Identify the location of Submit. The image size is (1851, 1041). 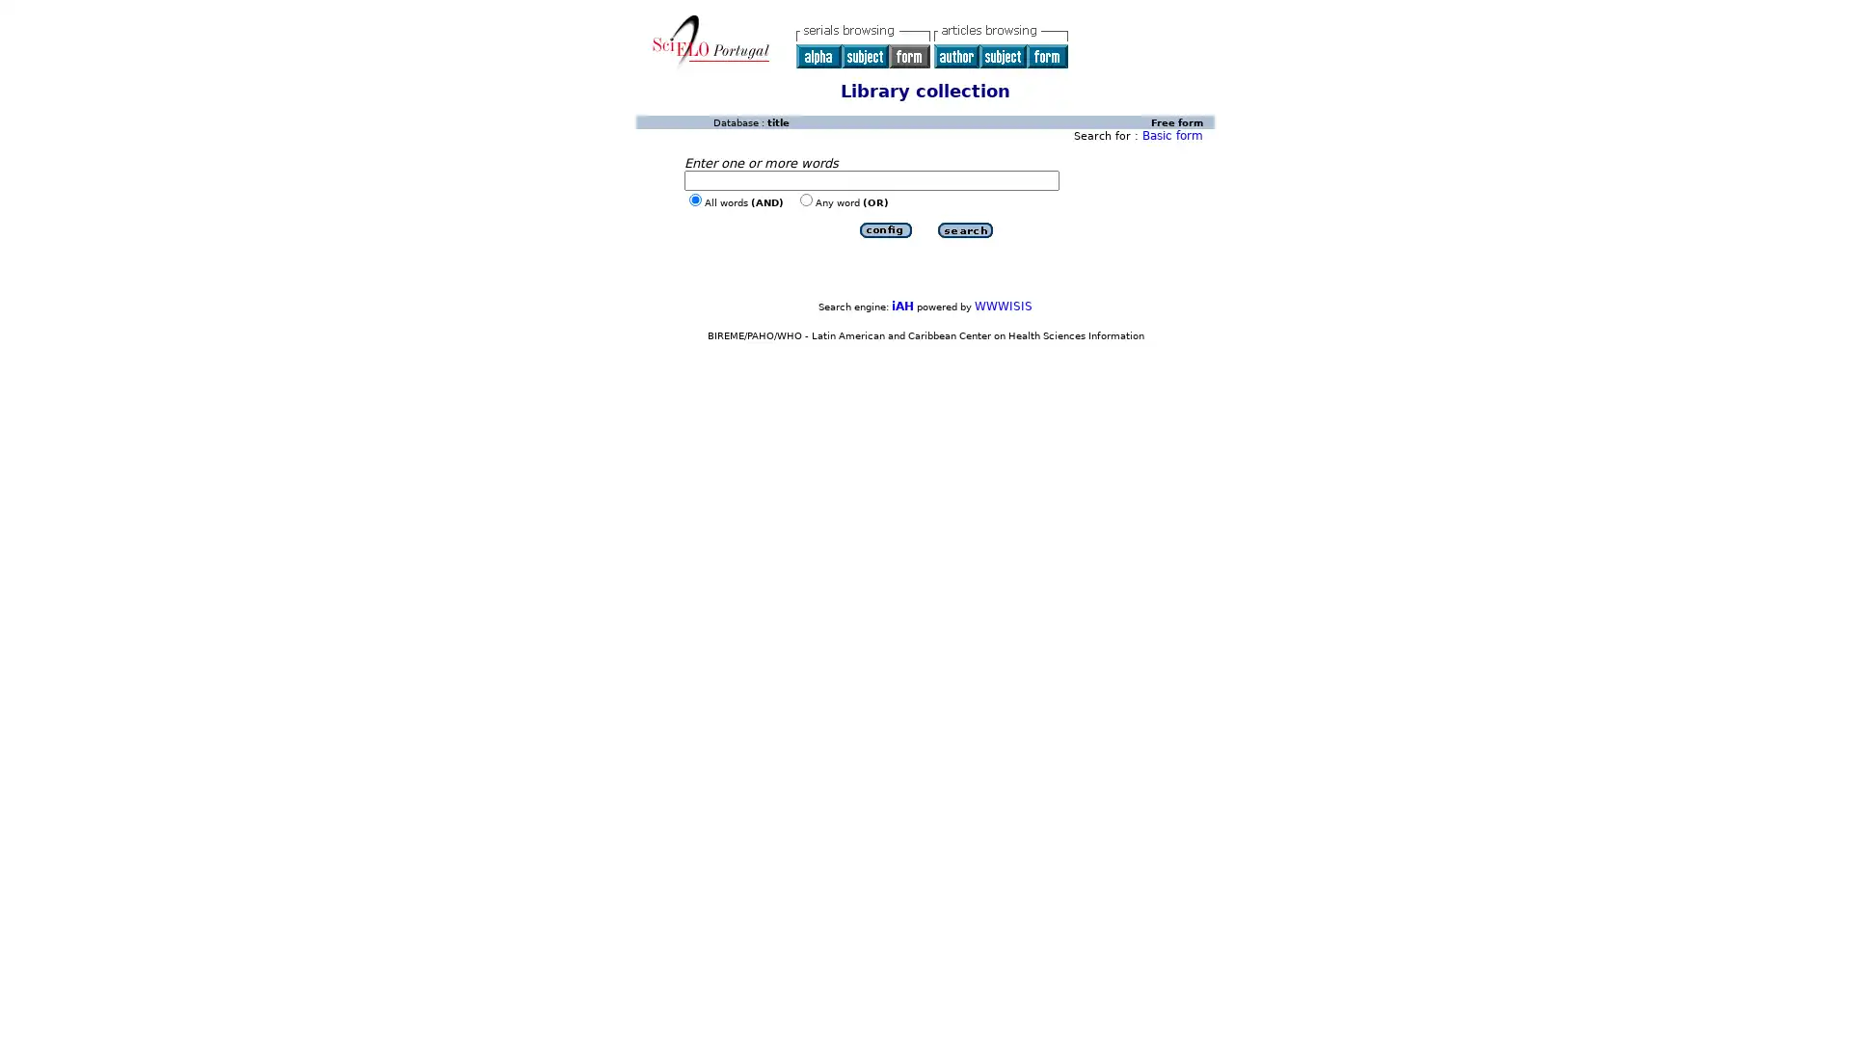
(883, 228).